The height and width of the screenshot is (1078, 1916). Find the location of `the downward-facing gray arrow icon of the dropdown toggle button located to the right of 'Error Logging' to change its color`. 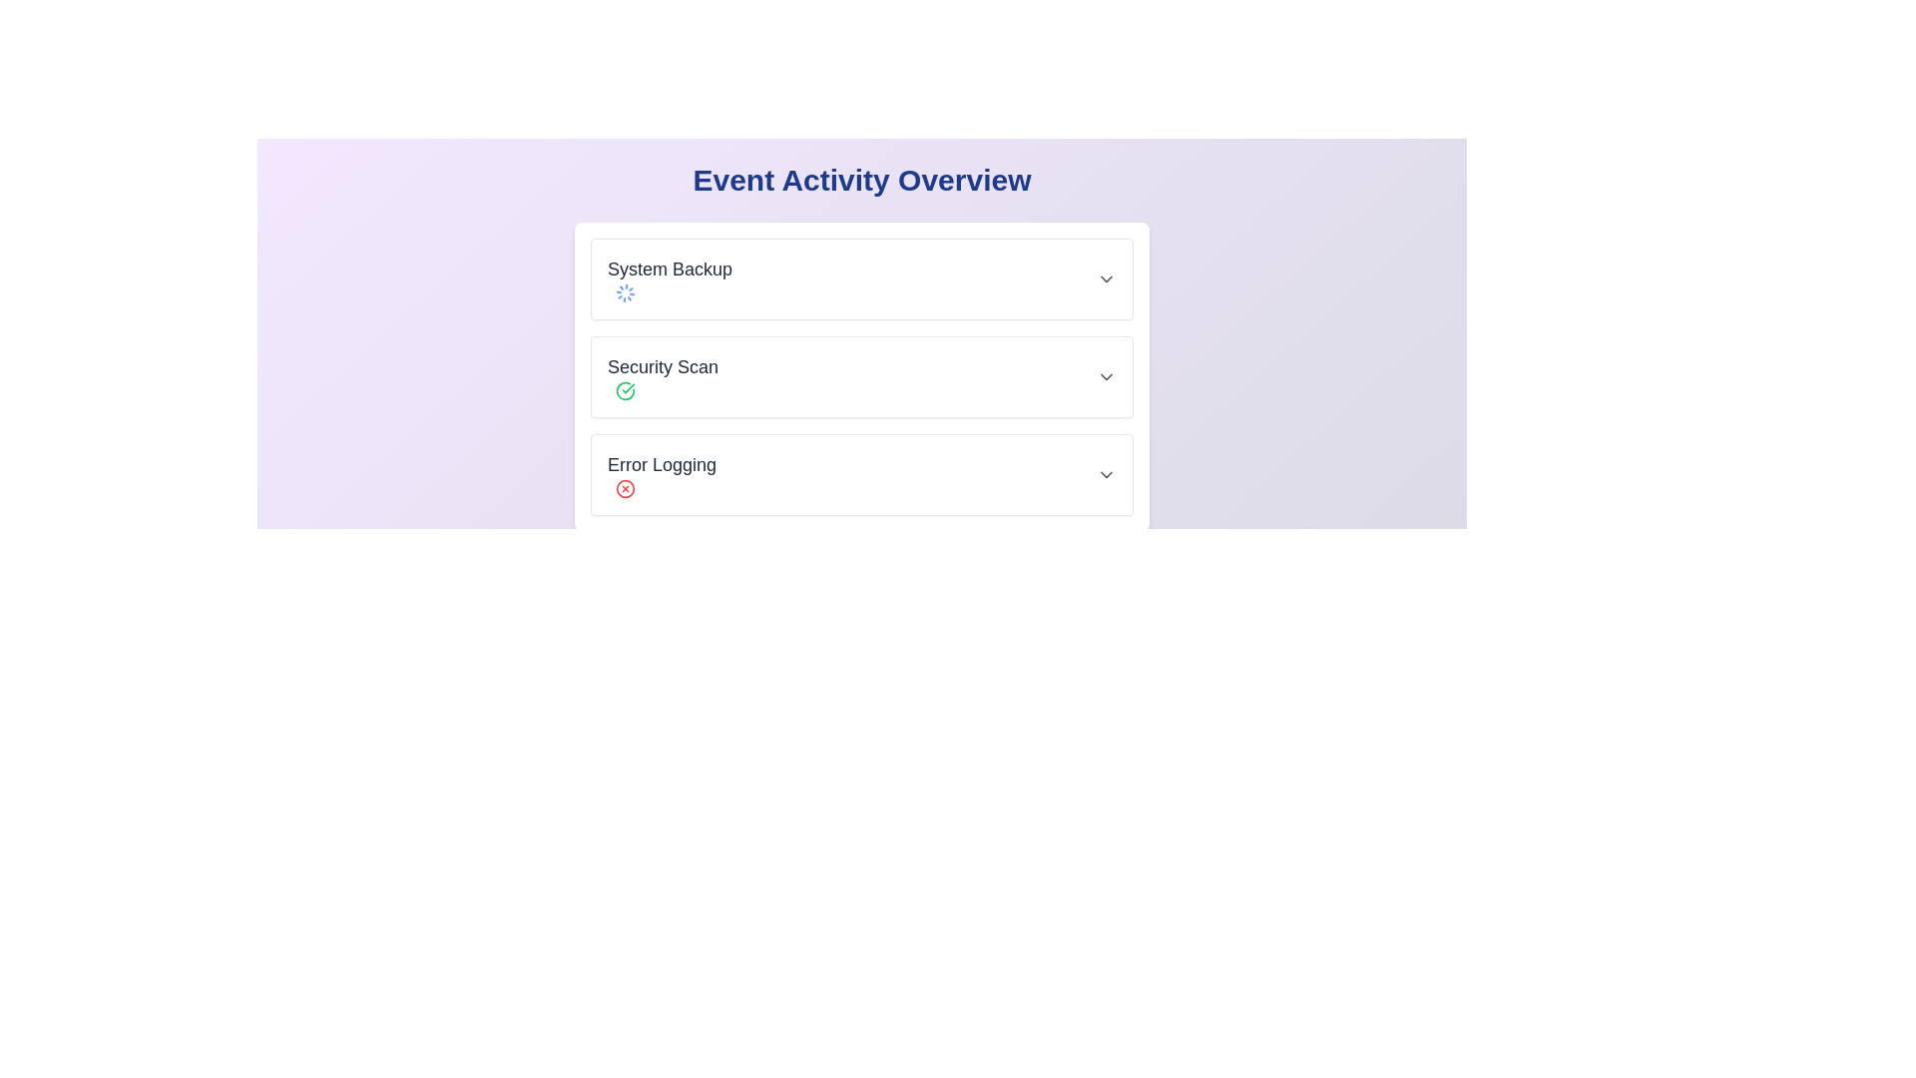

the downward-facing gray arrow icon of the dropdown toggle button located to the right of 'Error Logging' to change its color is located at coordinates (1105, 474).